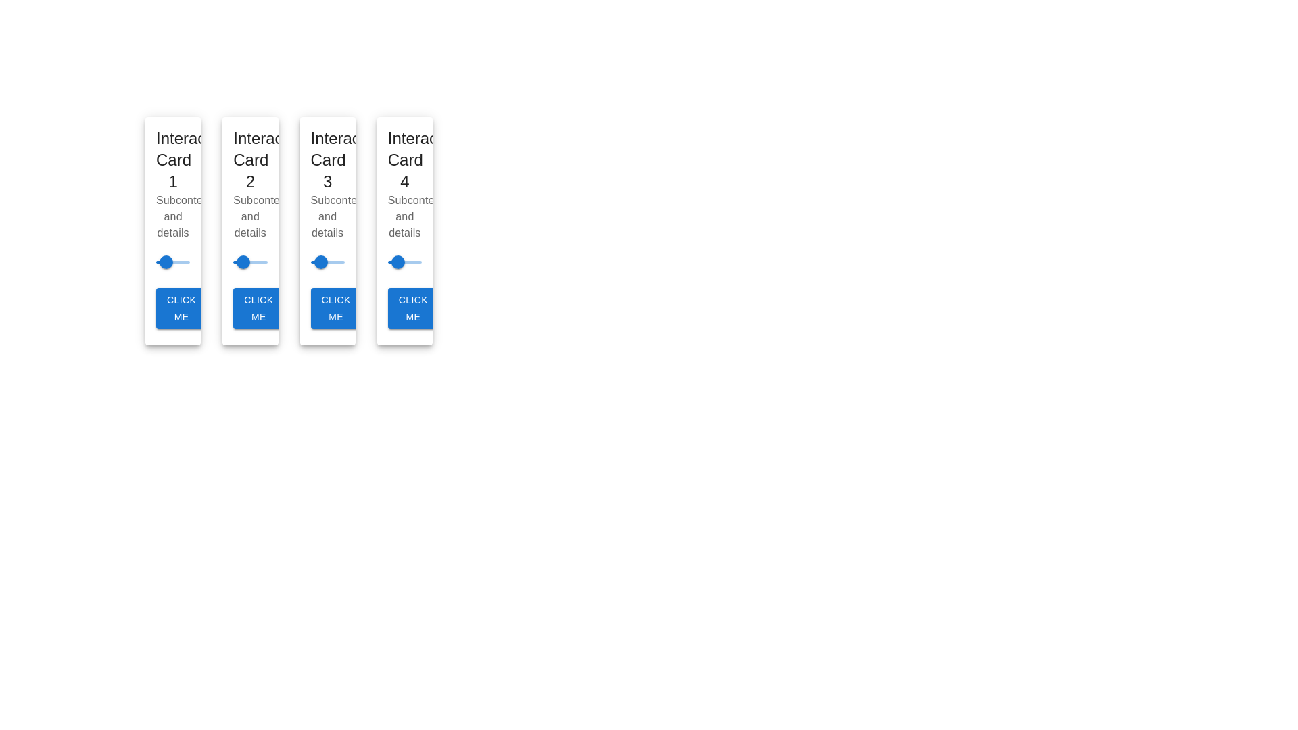 The height and width of the screenshot is (730, 1298). What do you see at coordinates (338, 262) in the screenshot?
I see `the slider's value` at bounding box center [338, 262].